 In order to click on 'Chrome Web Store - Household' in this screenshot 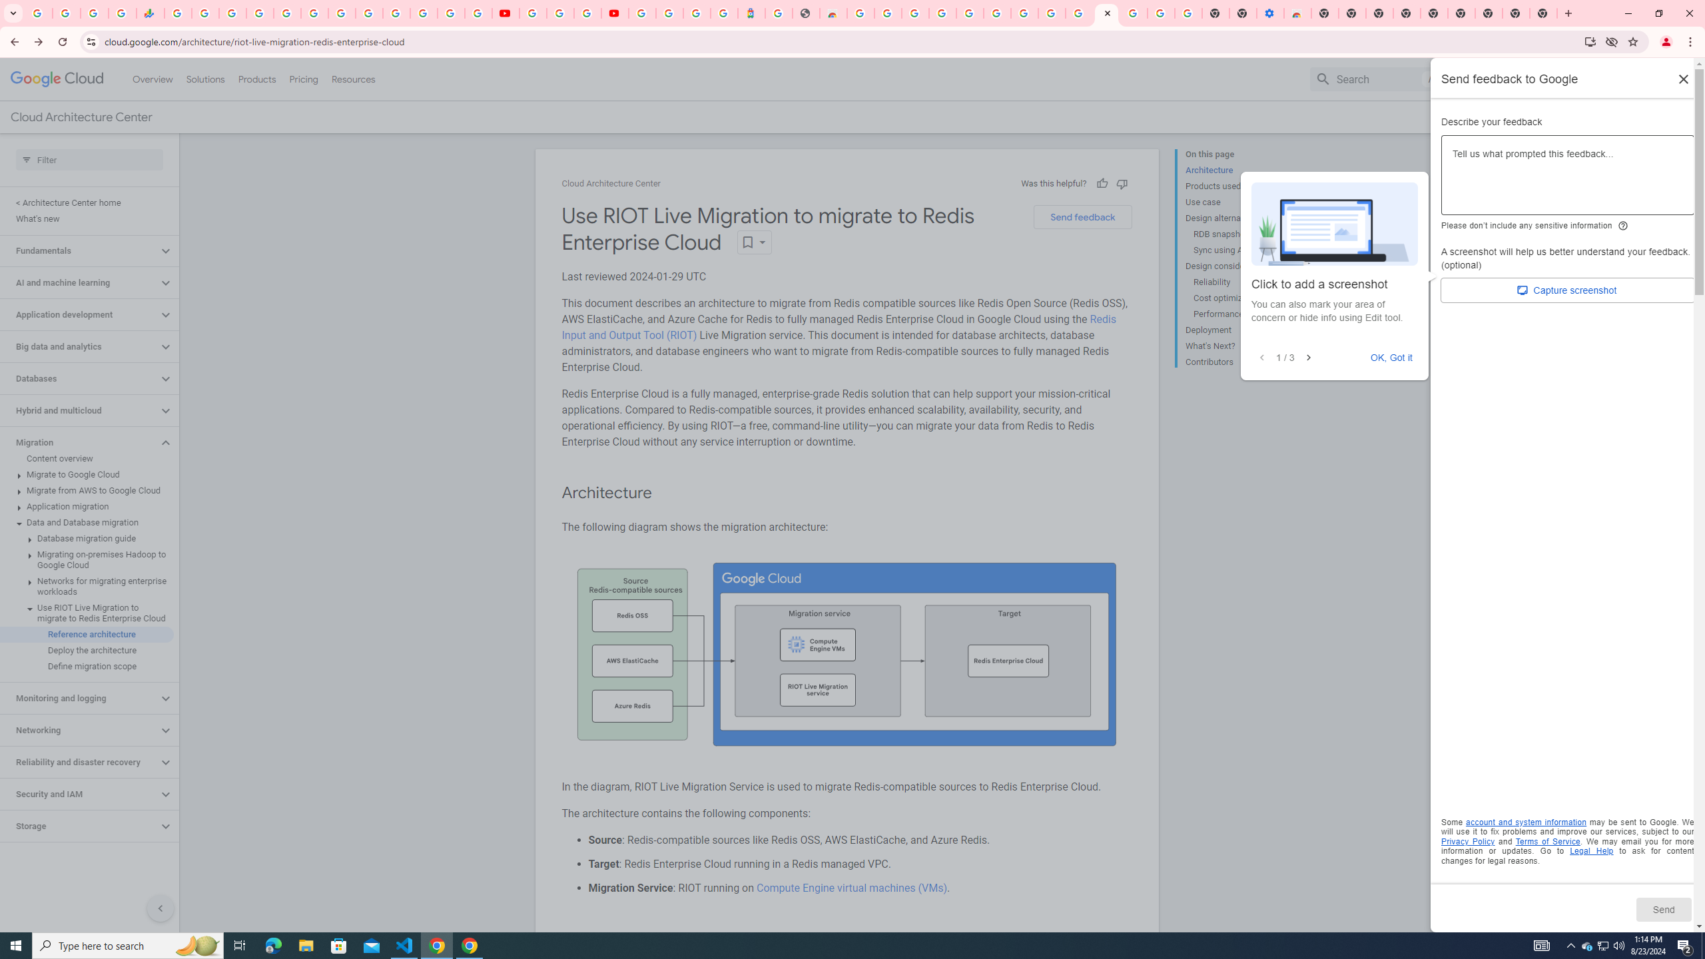, I will do `click(833, 13)`.